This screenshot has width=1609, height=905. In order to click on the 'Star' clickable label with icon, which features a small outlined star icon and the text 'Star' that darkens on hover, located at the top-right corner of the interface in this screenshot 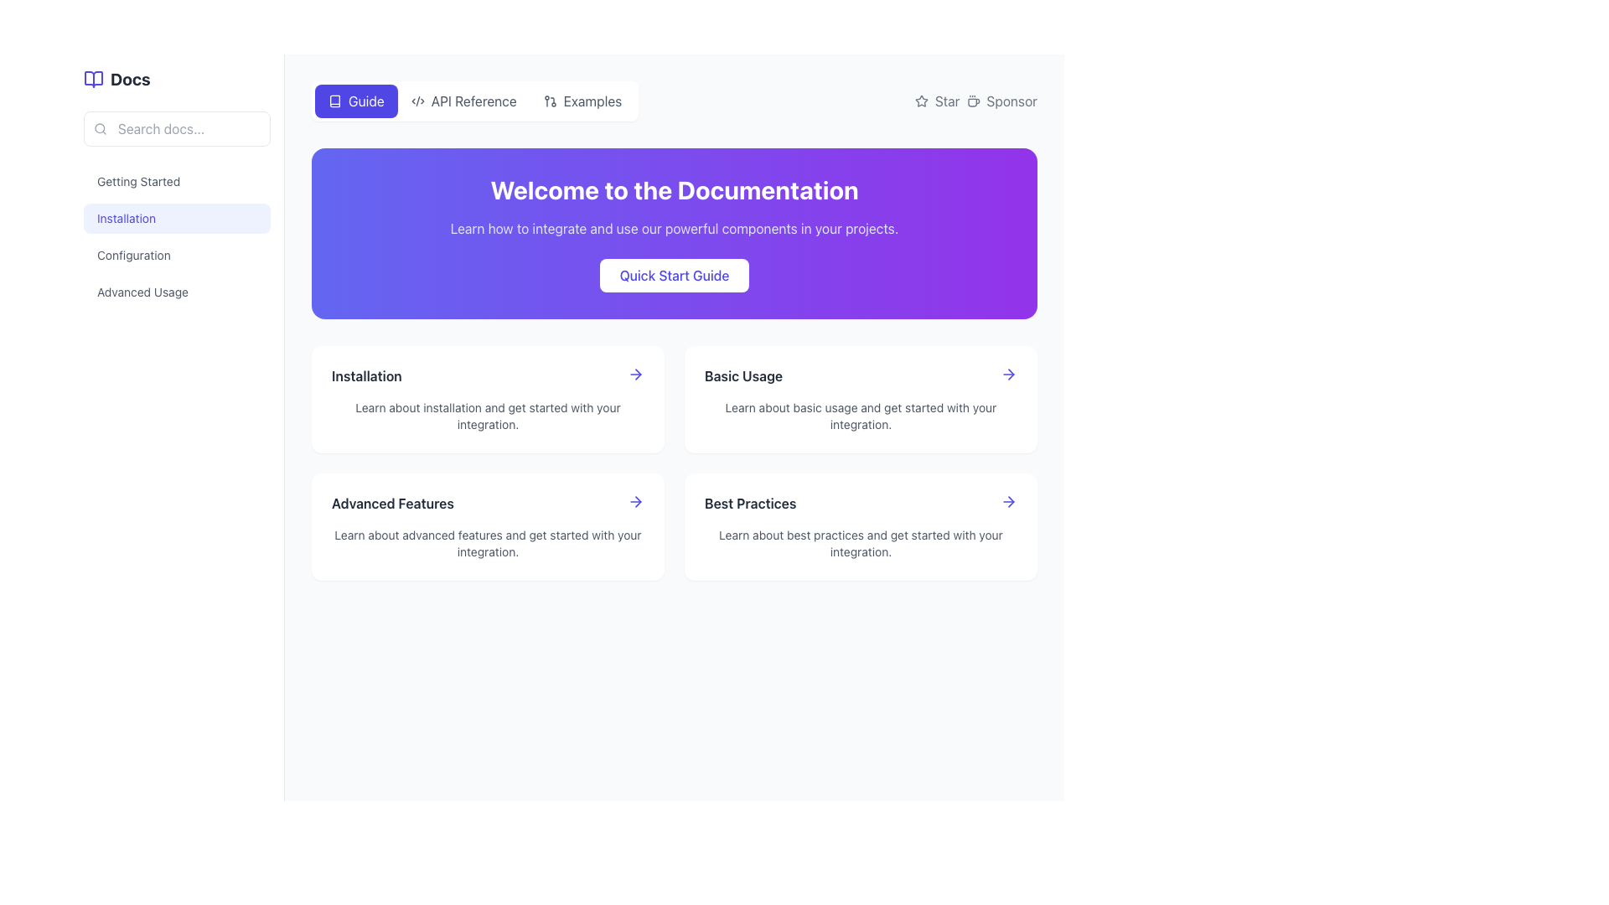, I will do `click(936, 101)`.